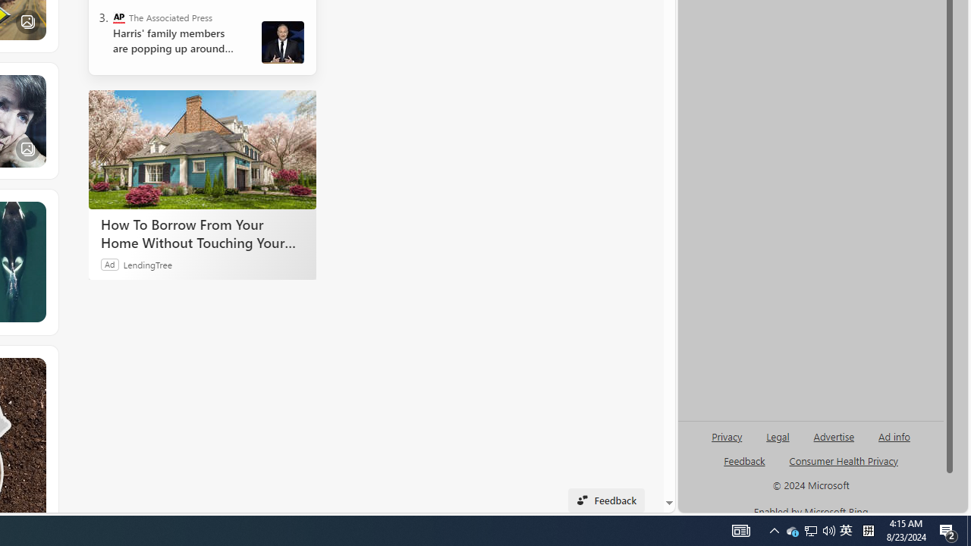  I want to click on 'AutomationID: sb_feedback', so click(744, 460).